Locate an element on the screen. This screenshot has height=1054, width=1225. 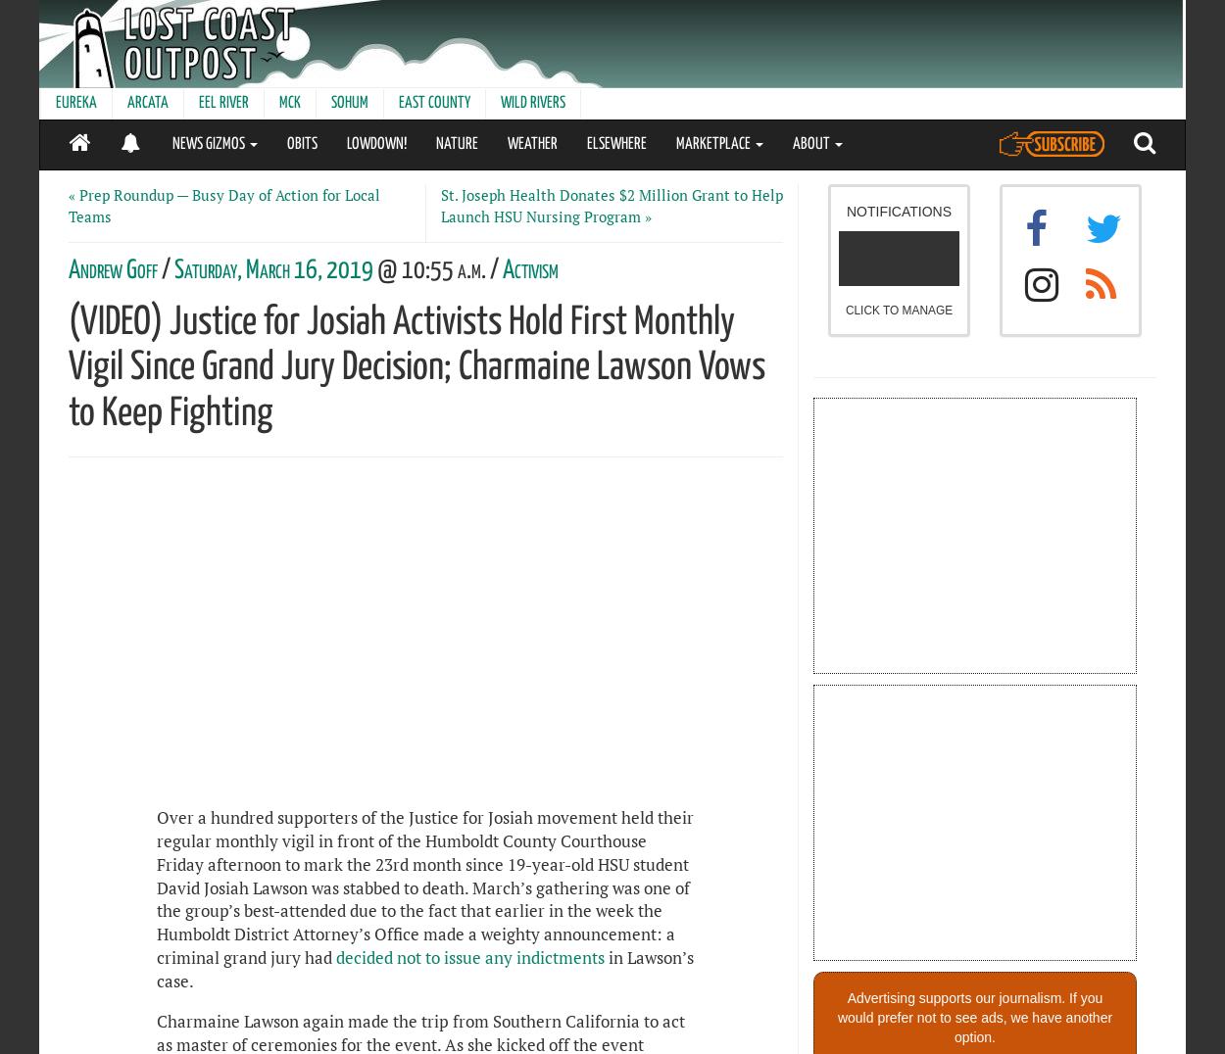
'Saturday, March 16, 2019' is located at coordinates (275, 269).